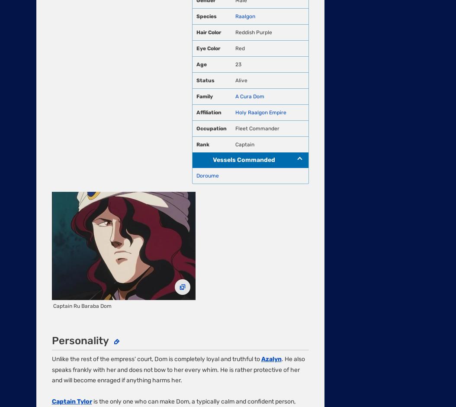 The image size is (456, 407). I want to click on 'Local Sitemap', so click(206, 180).